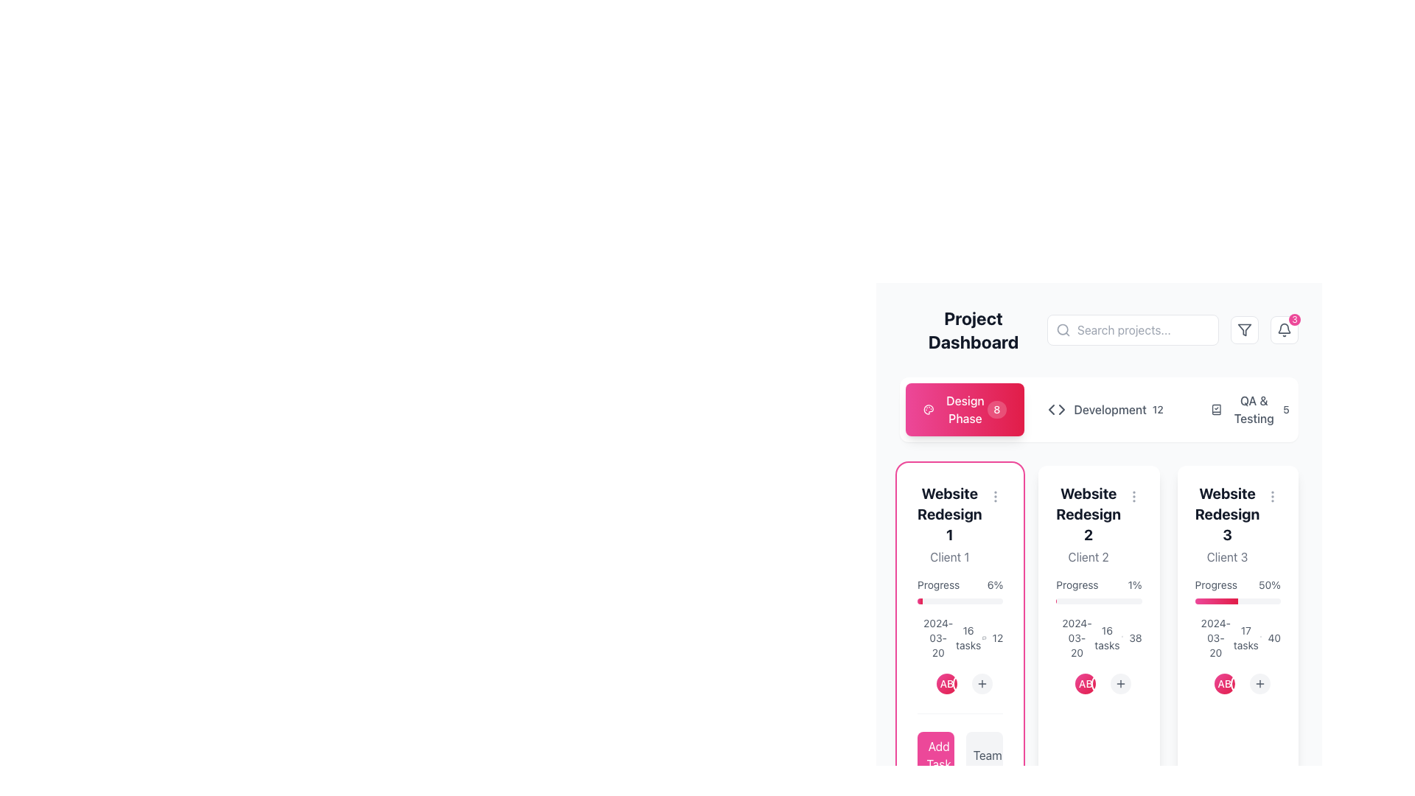  Describe the element at coordinates (1120, 684) in the screenshot. I see `the small plus icon button with a hollow center located within a circular button at the bottom of the 'Website Redesign 2' card` at that location.